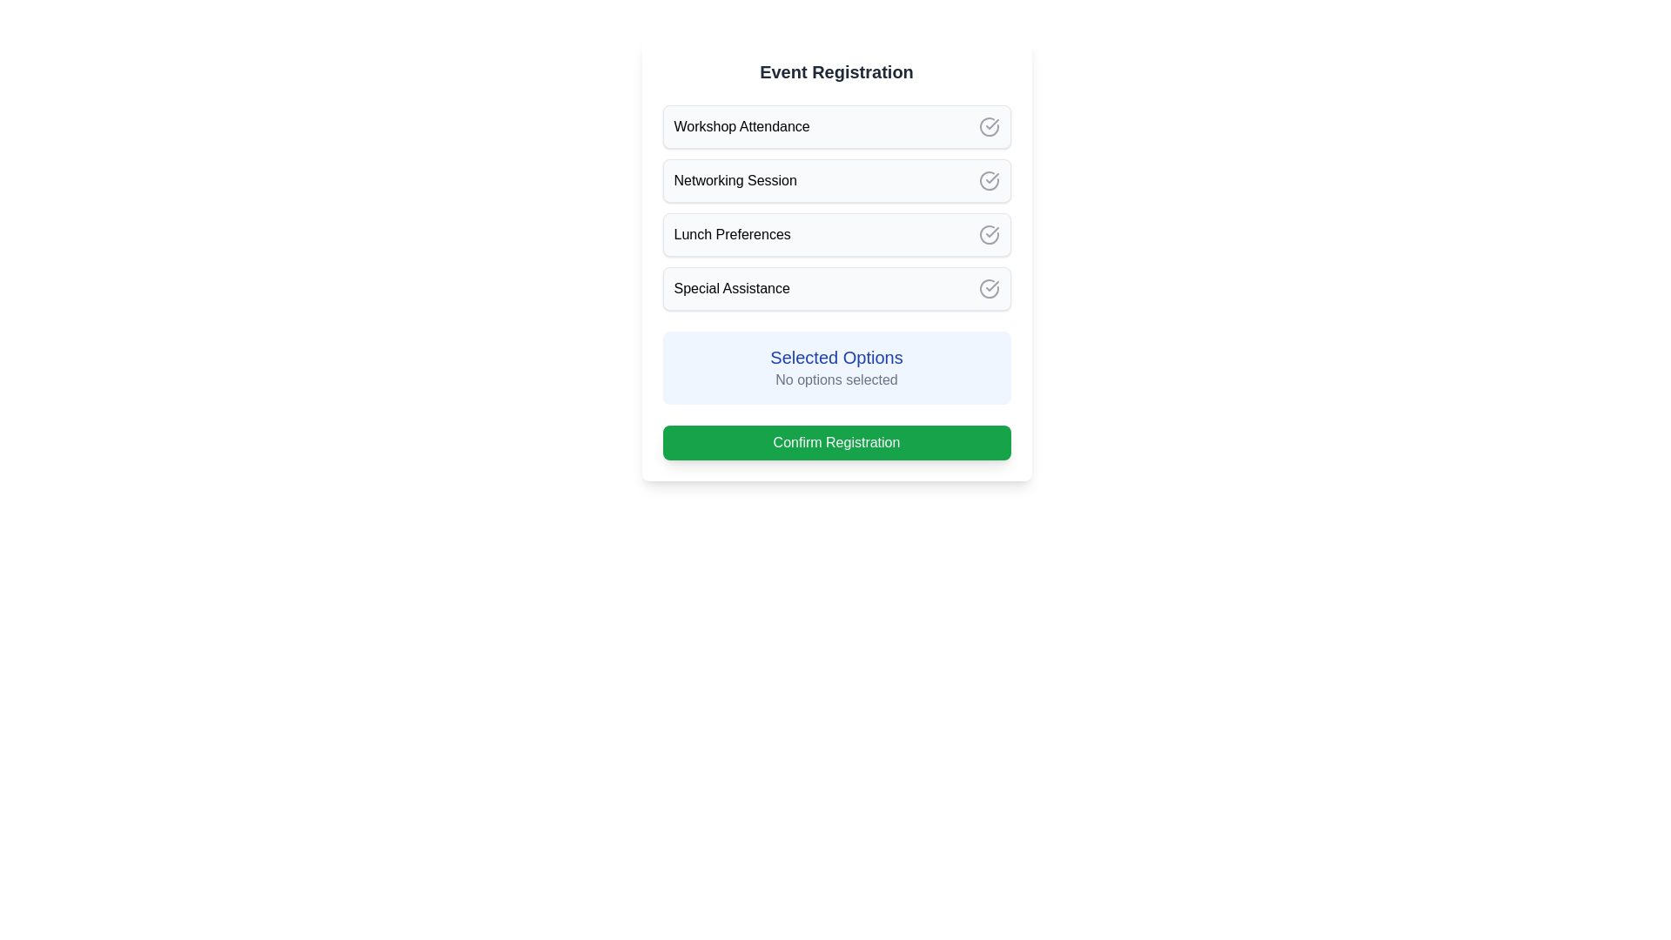 This screenshot has height=940, width=1671. I want to click on the checkmark icon located to the right of the 'Networking Session' label in the second row of options to interact with its associated functionality, so click(989, 181).